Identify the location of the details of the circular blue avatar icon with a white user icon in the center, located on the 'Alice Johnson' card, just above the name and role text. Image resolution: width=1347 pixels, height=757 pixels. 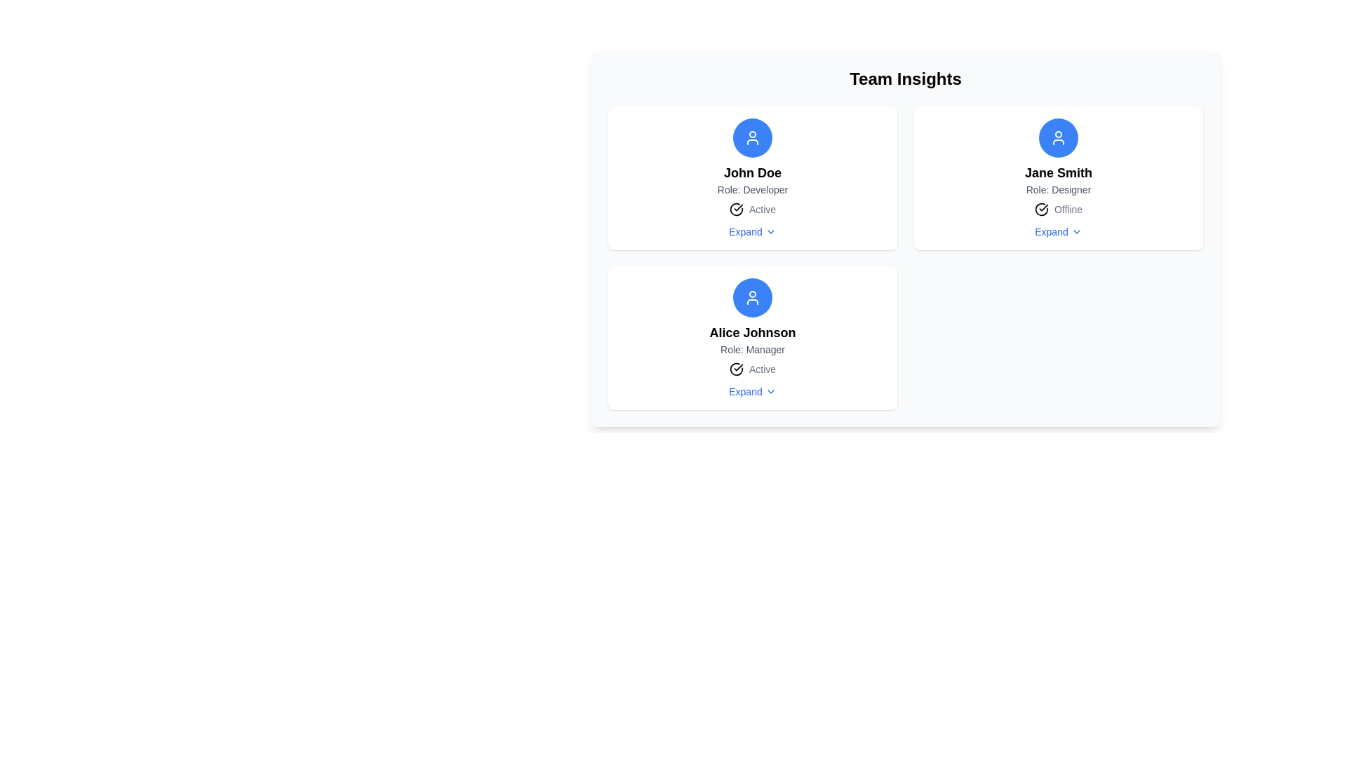
(752, 296).